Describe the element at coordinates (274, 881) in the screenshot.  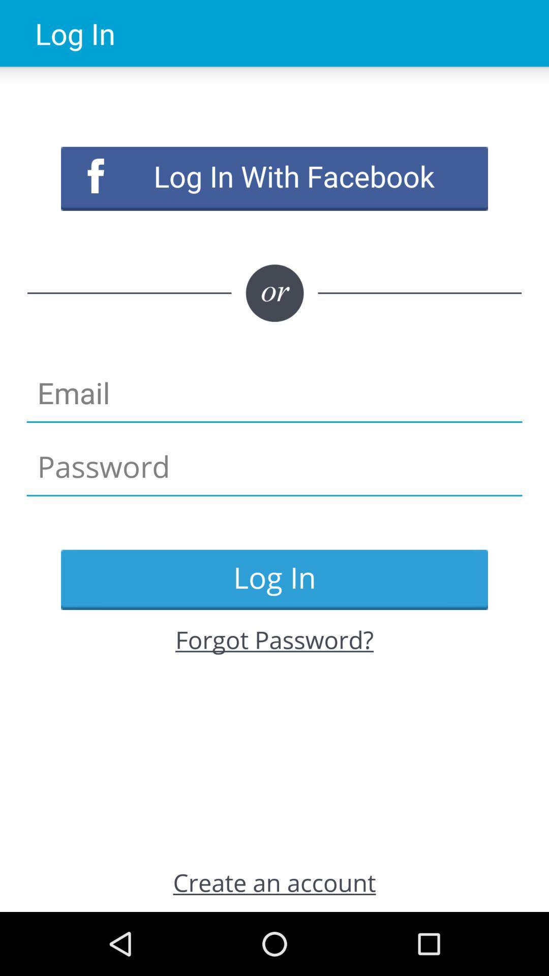
I see `item below forgot password?` at that location.